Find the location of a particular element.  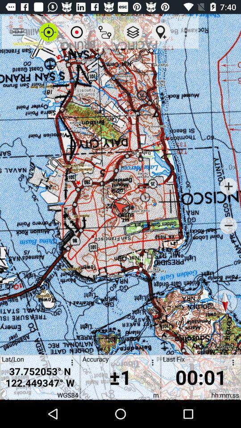

the more icon is located at coordinates (70, 364).